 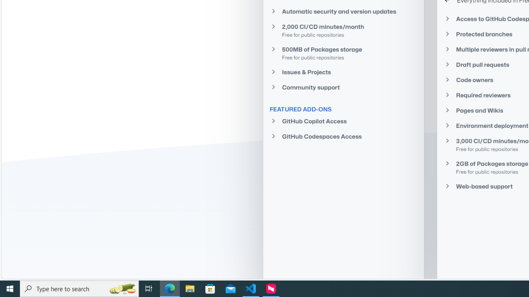 I want to click on 'GitHub Codespaces Access', so click(x=343, y=136).